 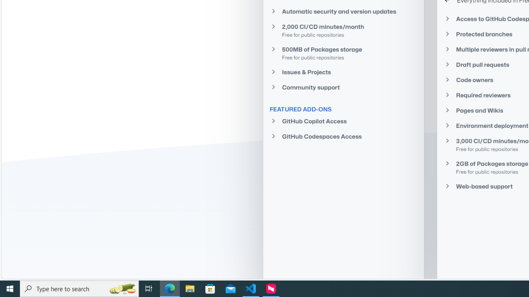 I want to click on 'GitHub Codespaces Access', so click(x=343, y=136).